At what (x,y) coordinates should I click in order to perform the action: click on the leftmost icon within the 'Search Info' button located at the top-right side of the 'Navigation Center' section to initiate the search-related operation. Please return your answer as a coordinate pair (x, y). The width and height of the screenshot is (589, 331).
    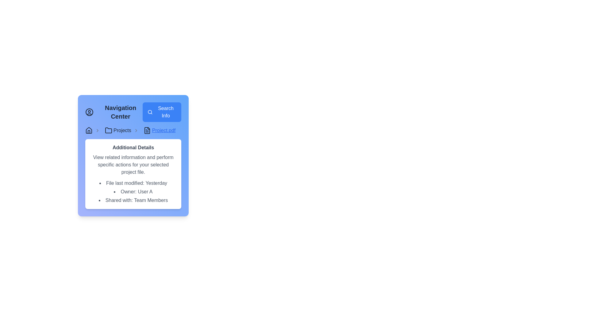
    Looking at the image, I should click on (150, 112).